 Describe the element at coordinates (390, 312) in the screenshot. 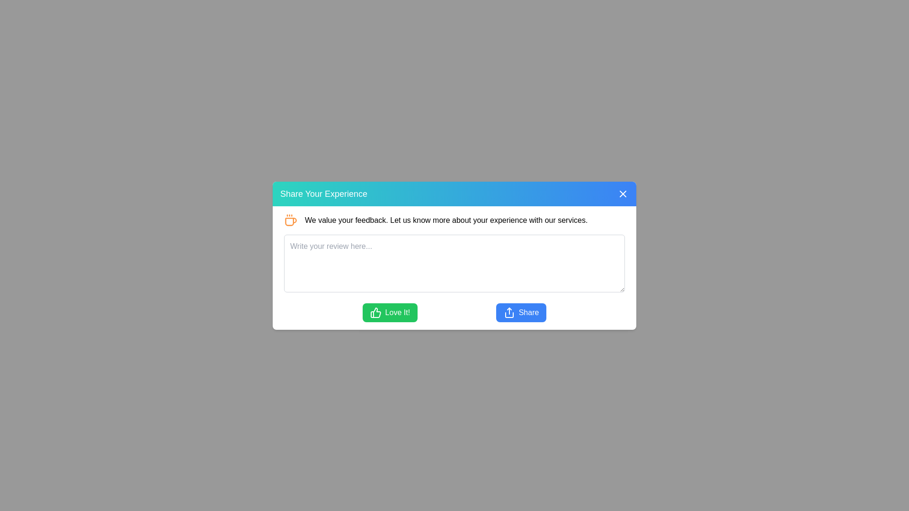

I see `the first button on the left in the horizontal alignment at the bottom of the feedback form` at that location.